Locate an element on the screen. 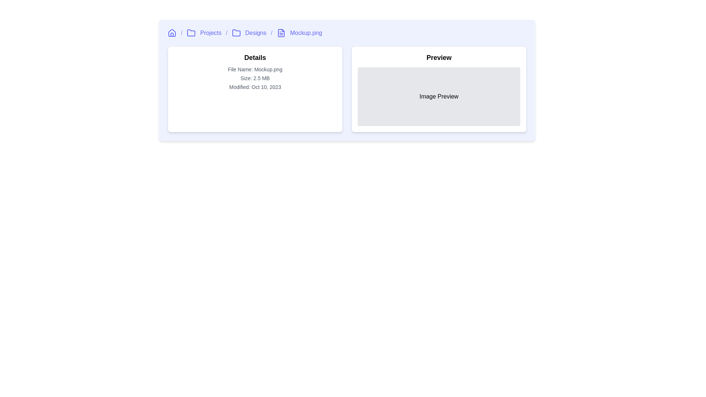  the 'Projects' text label in the breadcrumb navigation bar, which is the third visible item positioned between the folder icon and the 'Designs' text is located at coordinates (210, 32).